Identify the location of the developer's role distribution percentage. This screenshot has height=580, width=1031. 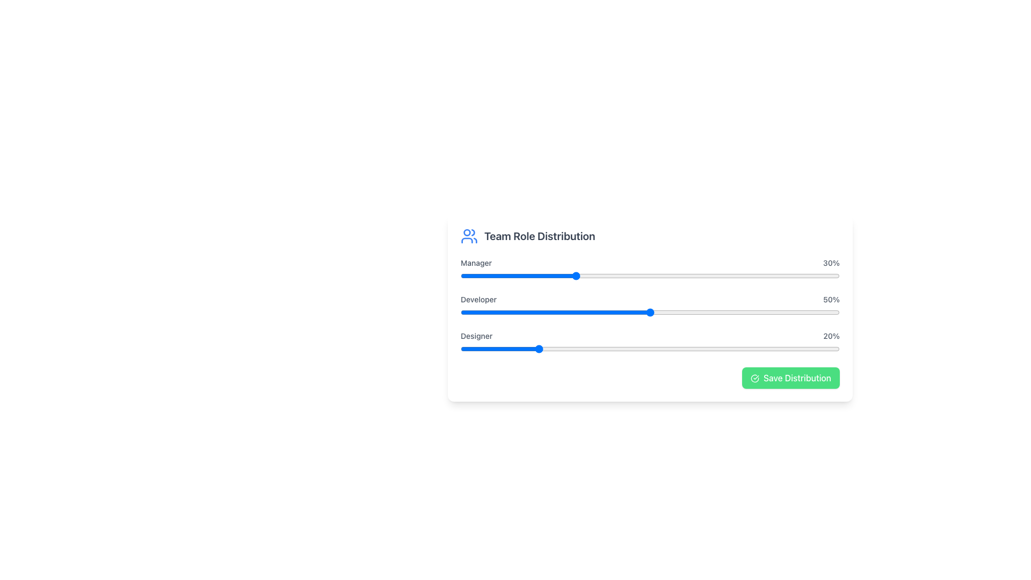
(631, 313).